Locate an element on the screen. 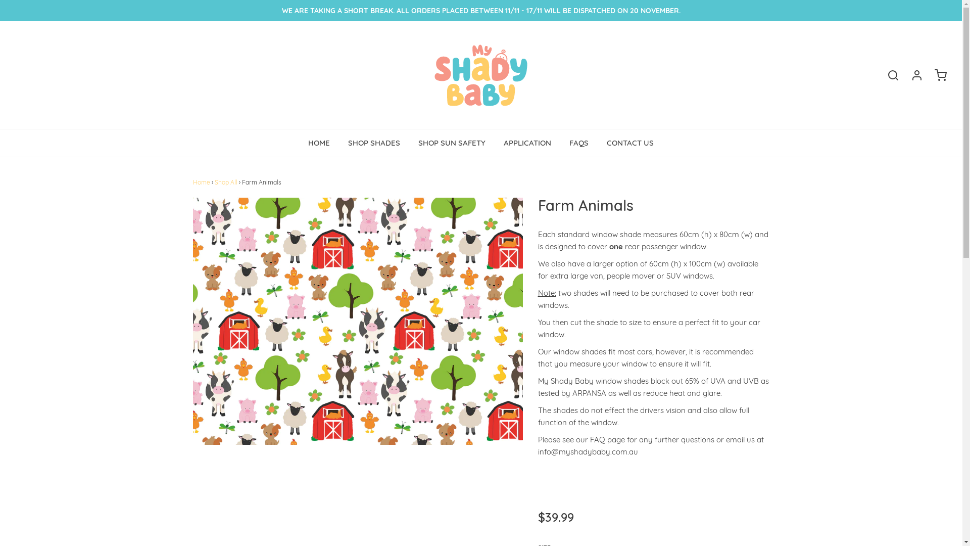 The image size is (970, 546). 'APPLICATION' is located at coordinates (526, 143).